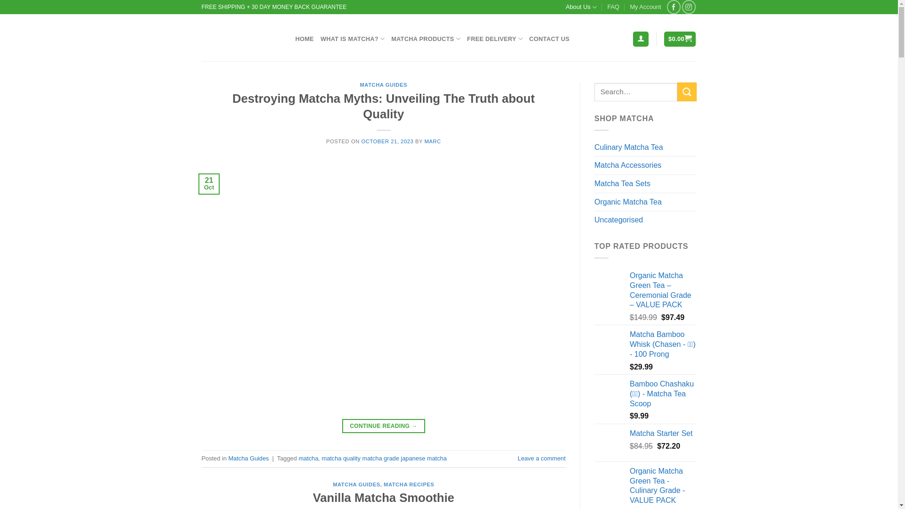 The width and height of the screenshot is (905, 509). What do you see at coordinates (645, 147) in the screenshot?
I see `'Culinary Matcha Tea'` at bounding box center [645, 147].